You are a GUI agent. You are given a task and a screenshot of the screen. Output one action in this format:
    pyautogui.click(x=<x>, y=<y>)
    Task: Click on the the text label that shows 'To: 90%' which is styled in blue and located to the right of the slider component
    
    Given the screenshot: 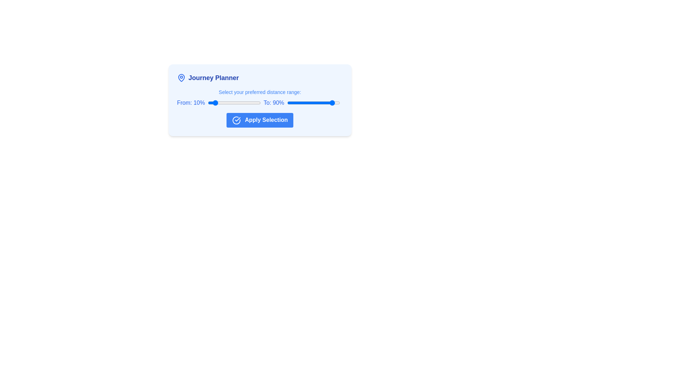 What is the action you would take?
    pyautogui.click(x=273, y=103)
    